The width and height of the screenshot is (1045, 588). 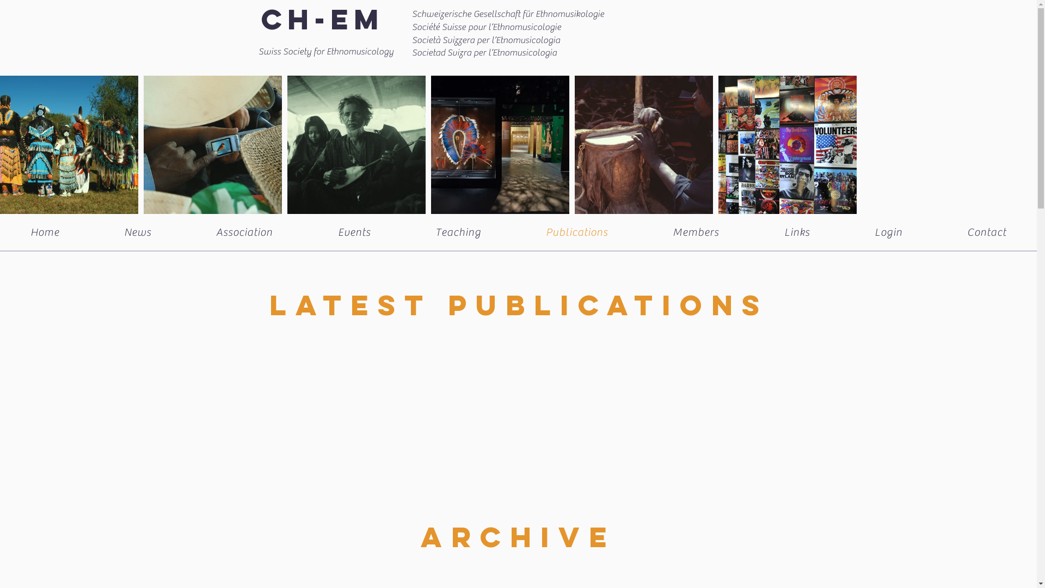 I want to click on 'Teaching', so click(x=458, y=231).